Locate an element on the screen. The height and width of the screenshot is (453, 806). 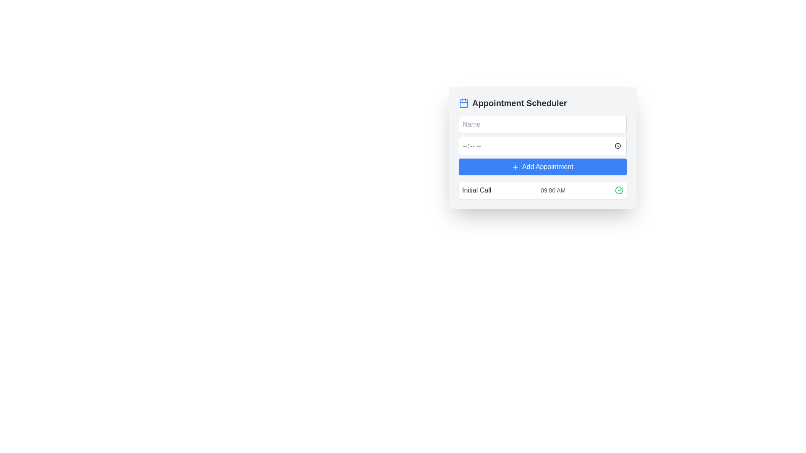
green circular icon with a checkmark, located at the far-right side of the 'Initial Call' event card, to understand its functionality is located at coordinates (619, 190).